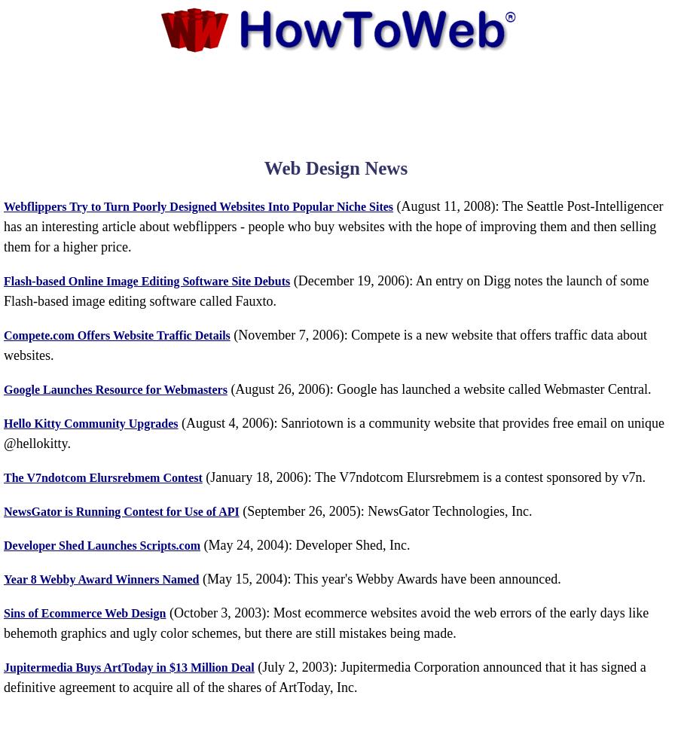  What do you see at coordinates (3, 611) in the screenshot?
I see `'Sins of Ecommerce Web Design'` at bounding box center [3, 611].